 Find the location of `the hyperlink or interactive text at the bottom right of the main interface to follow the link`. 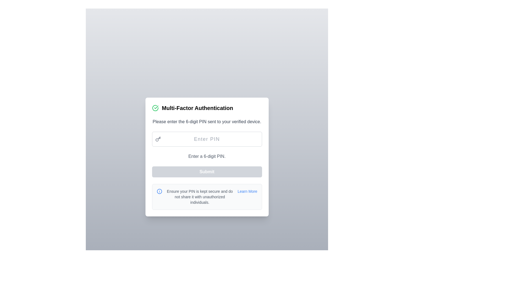

the hyperlink or interactive text at the bottom right of the main interface to follow the link is located at coordinates (247, 191).